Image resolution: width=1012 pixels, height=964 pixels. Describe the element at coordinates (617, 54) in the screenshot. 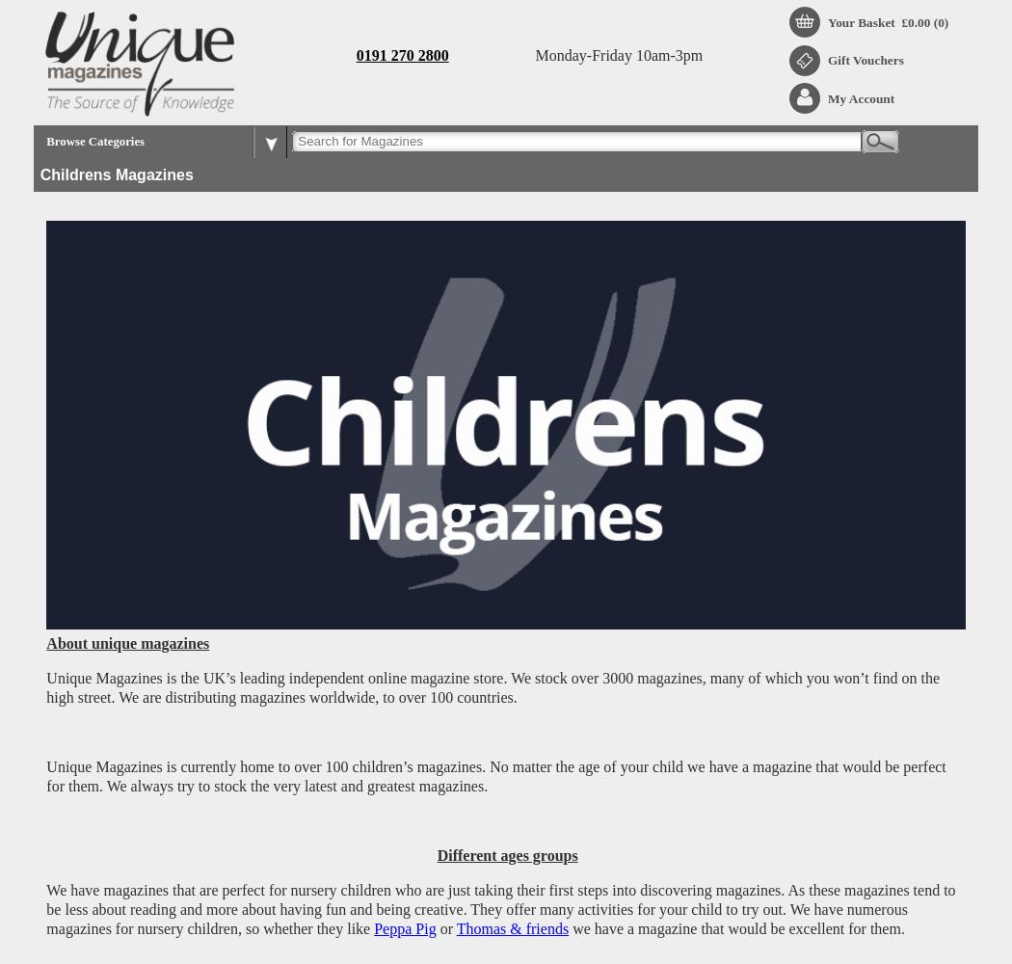

I see `'Monday-Friday 10am-3pm'` at that location.